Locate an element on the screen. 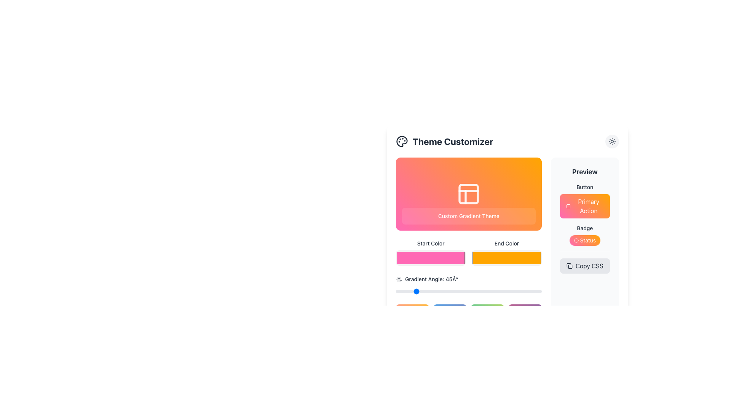 The width and height of the screenshot is (731, 411). the slider input control displaying 'Gradient Angle: 45°' is located at coordinates (468, 285).